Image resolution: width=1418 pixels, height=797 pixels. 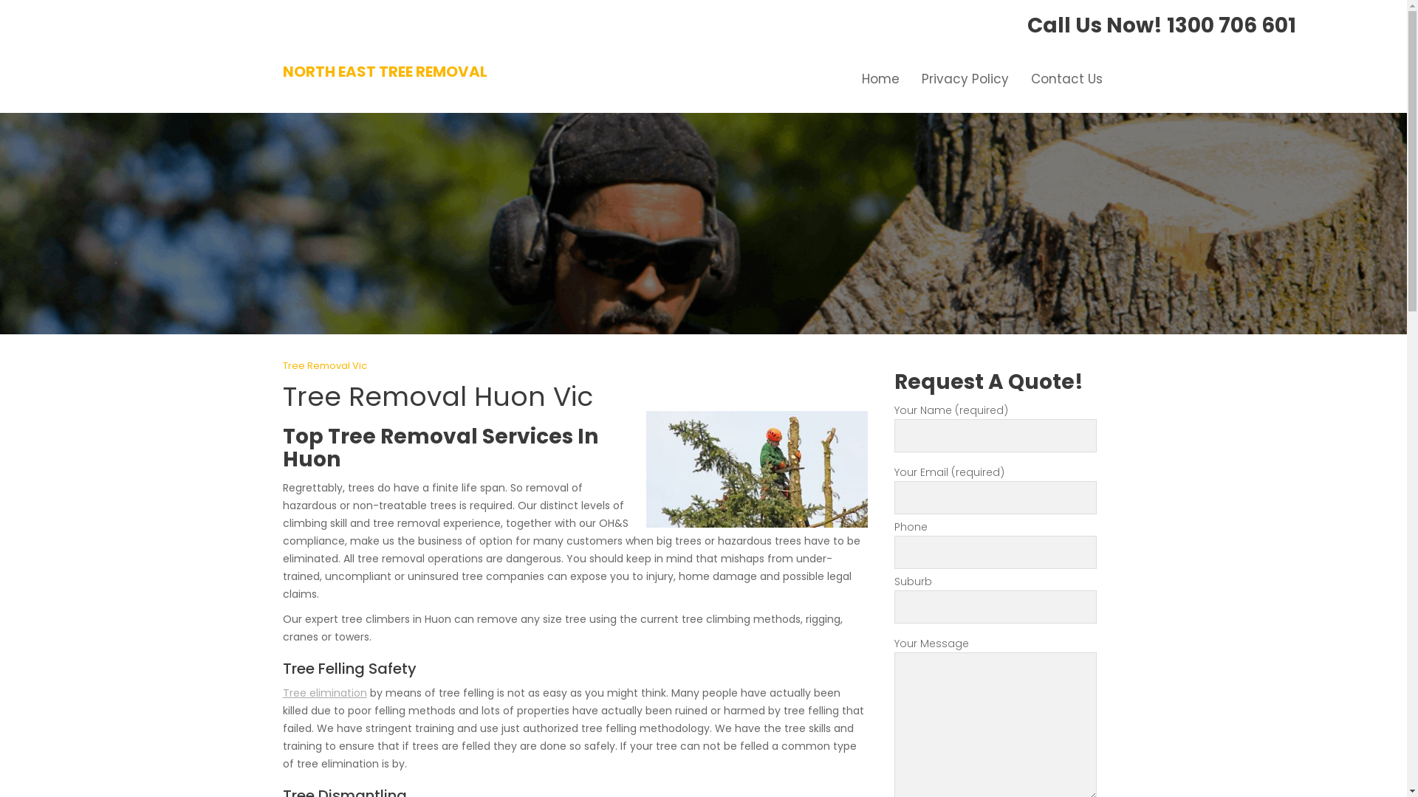 What do you see at coordinates (384, 71) in the screenshot?
I see `'NORTH EAST TREE REMOVAL'` at bounding box center [384, 71].